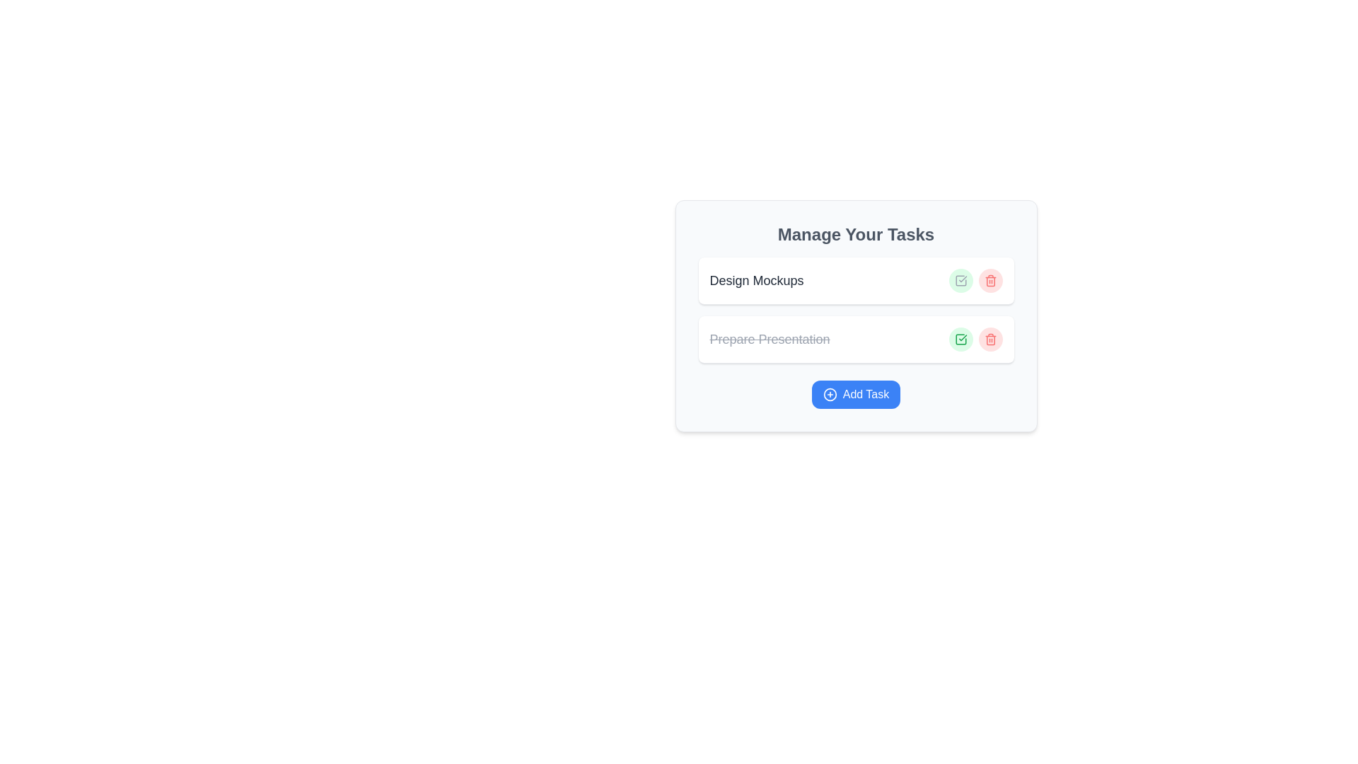  I want to click on the circular SVG element representing a plus sign, located in the bottom center of the task management panel, just above the 'Add Task' button, so click(830, 395).